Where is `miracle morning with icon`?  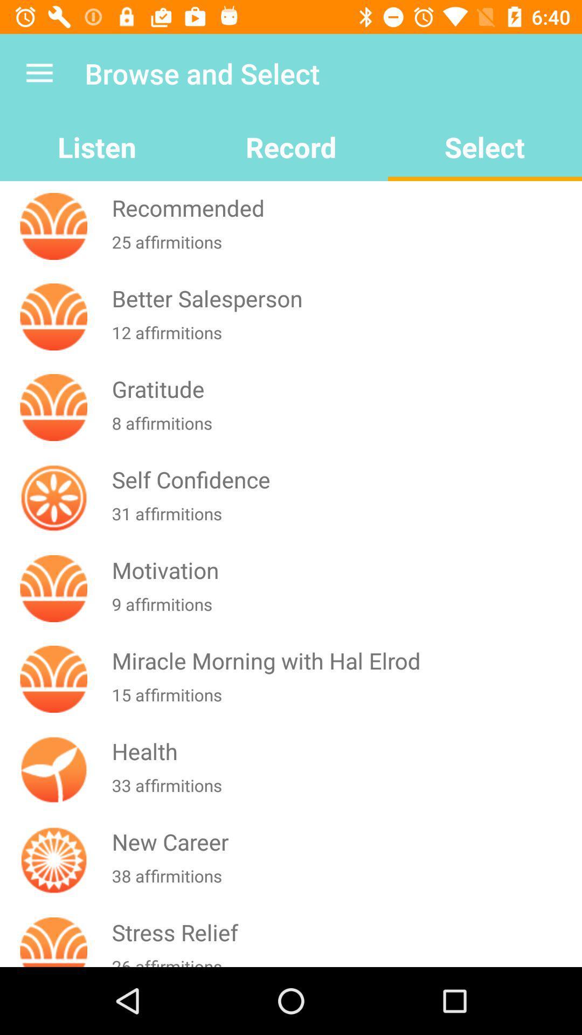 miracle morning with icon is located at coordinates (344, 660).